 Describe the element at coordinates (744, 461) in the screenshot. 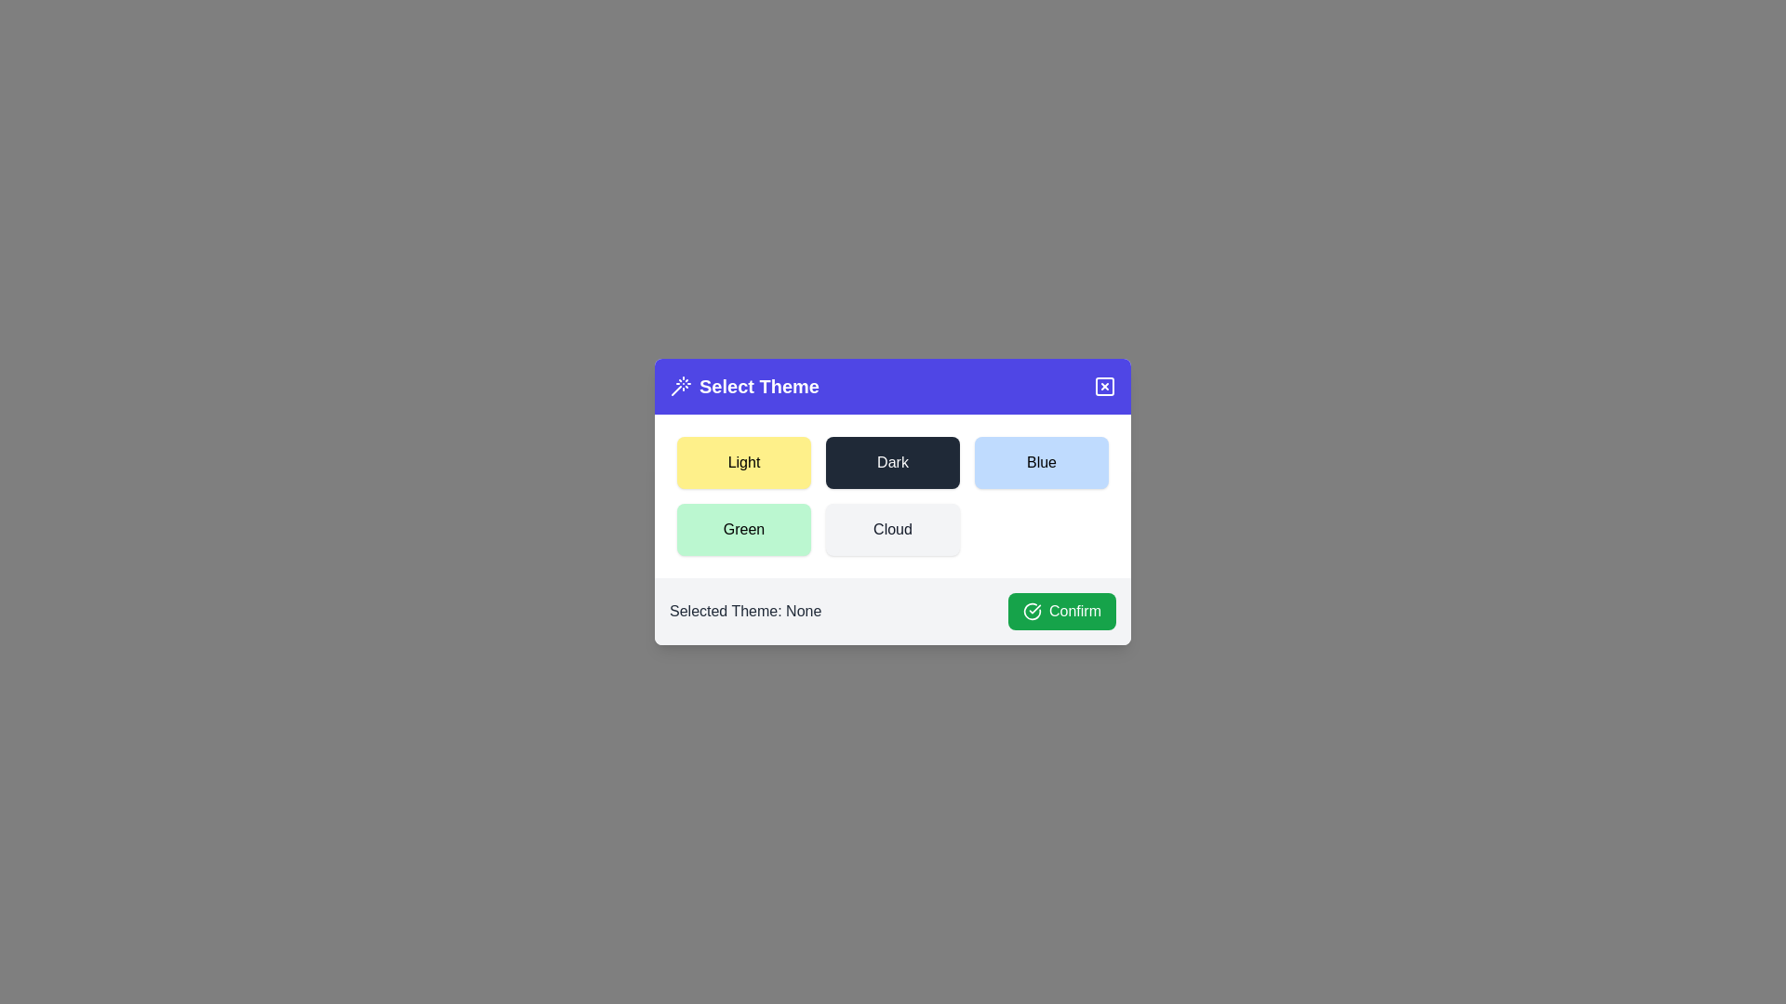

I see `the theme Light from the available options` at that location.